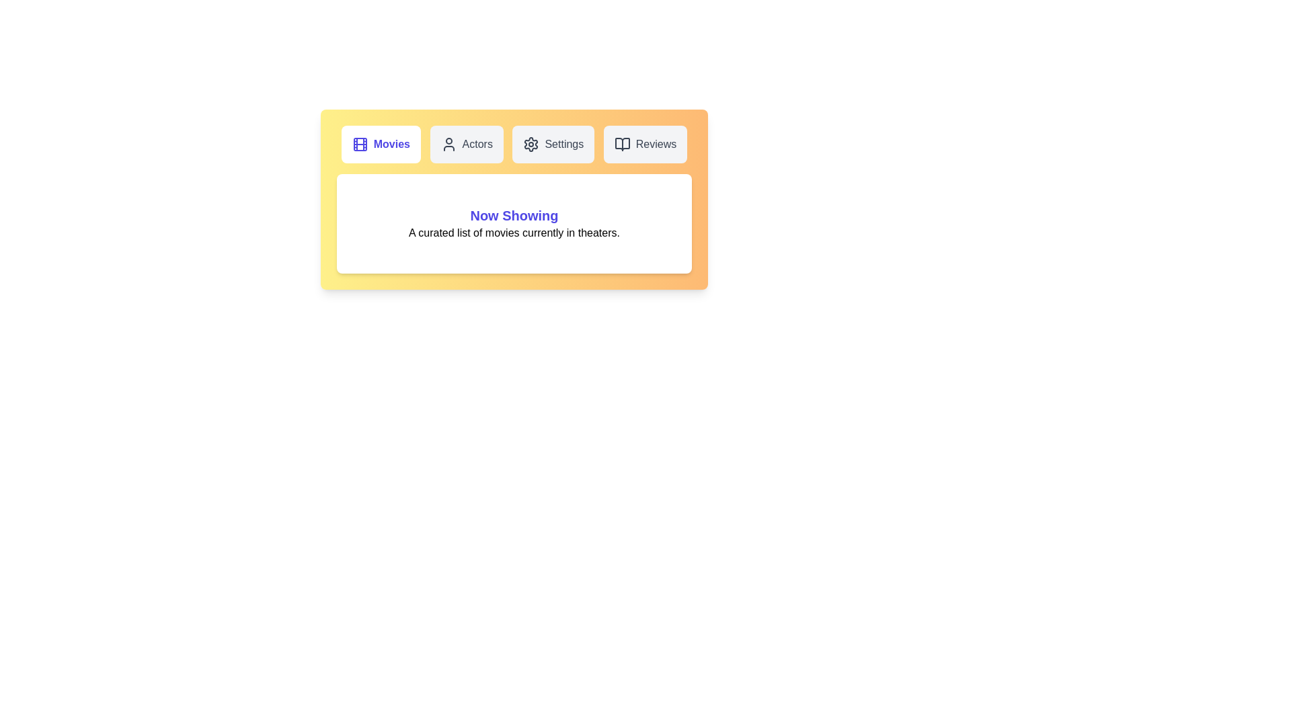  What do you see at coordinates (645, 145) in the screenshot?
I see `the tab labeled Reviews to preview its interaction` at bounding box center [645, 145].